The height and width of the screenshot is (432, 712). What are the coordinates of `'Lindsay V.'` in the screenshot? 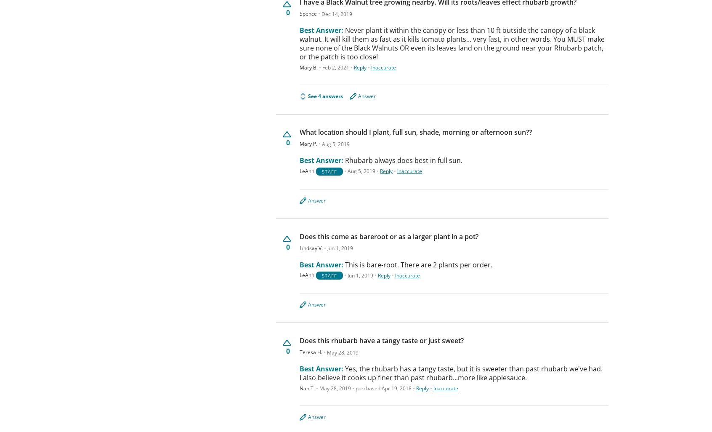 It's located at (311, 248).